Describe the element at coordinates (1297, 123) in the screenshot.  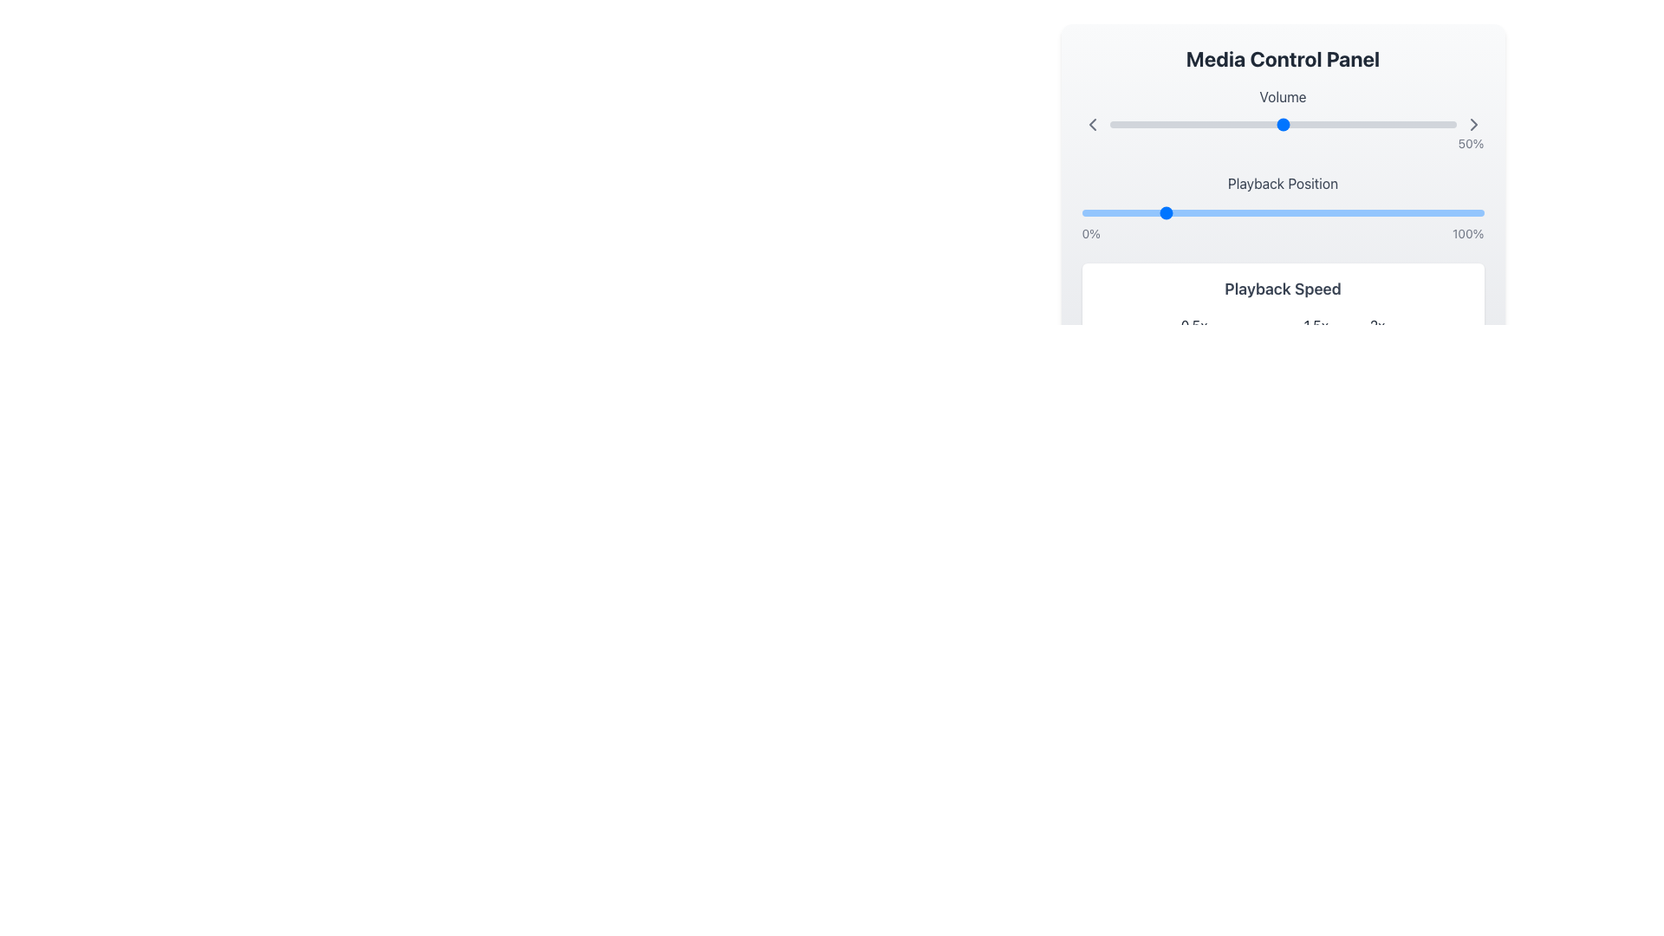
I see `volume` at that location.